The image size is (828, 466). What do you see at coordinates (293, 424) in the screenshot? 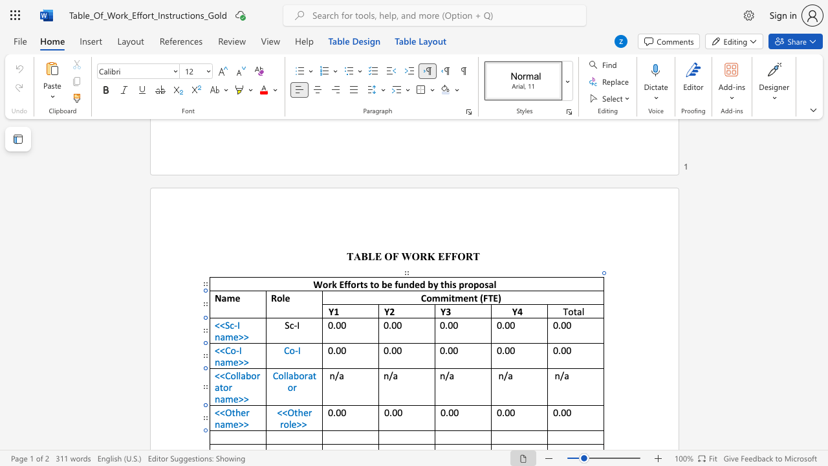
I see `the 2th character "e" in the text` at bounding box center [293, 424].